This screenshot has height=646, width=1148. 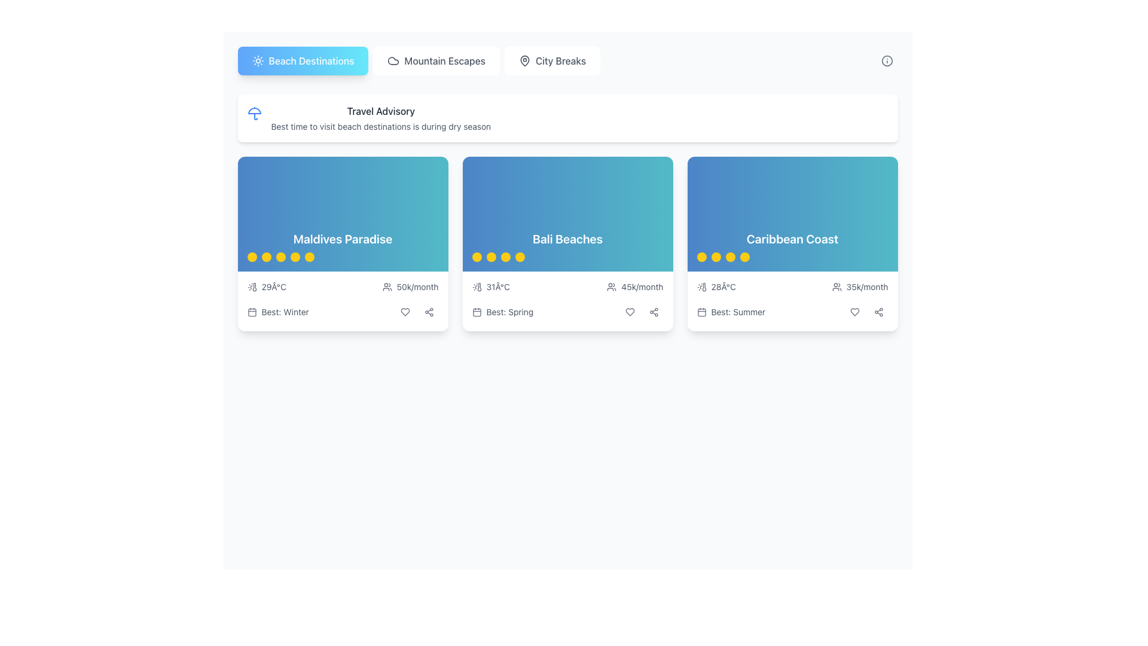 What do you see at coordinates (505, 256) in the screenshot?
I see `the third yellow Indicator Dot in the row below the title 'Bali Beaches'` at bounding box center [505, 256].